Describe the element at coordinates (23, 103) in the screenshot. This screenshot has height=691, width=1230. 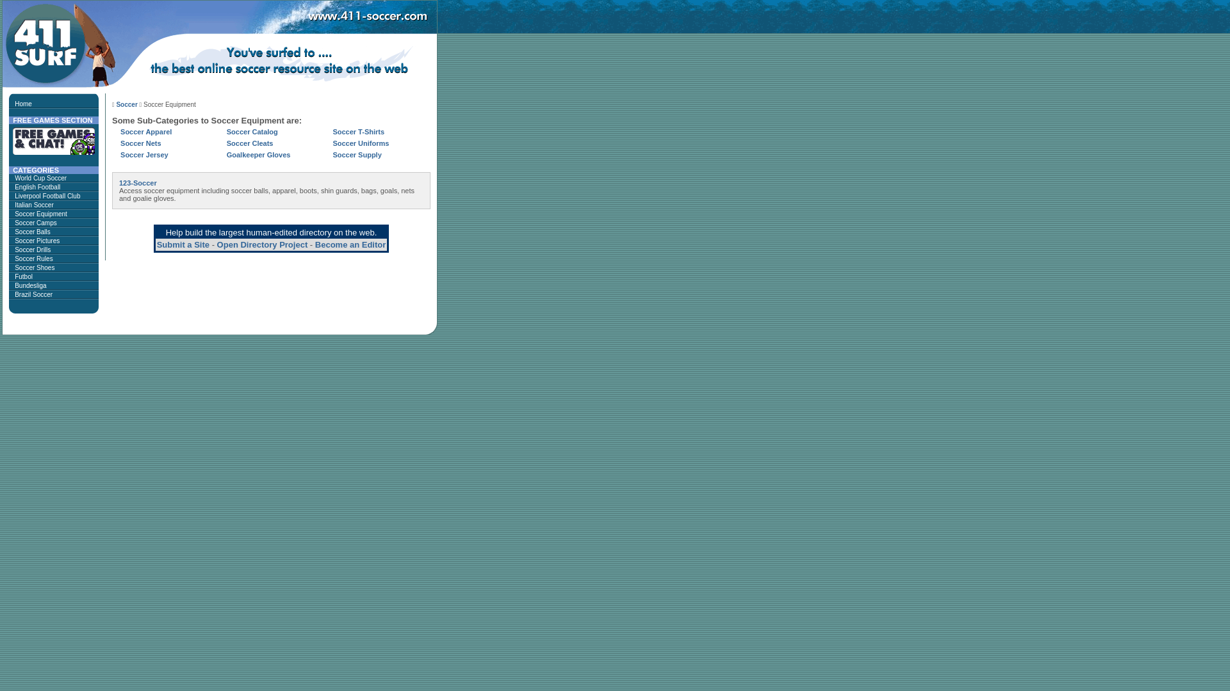
I see `'Home'` at that location.